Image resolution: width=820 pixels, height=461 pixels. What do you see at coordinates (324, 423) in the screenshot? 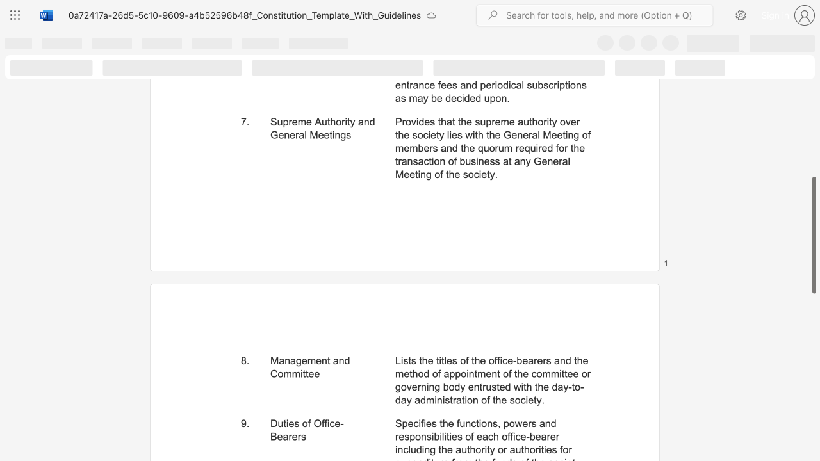
I see `the subset text "fice-Bea" within the text "Duties of Office-Bearers"` at bounding box center [324, 423].